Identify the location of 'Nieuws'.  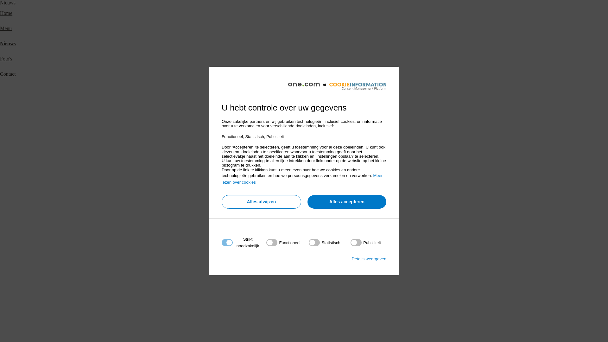
(8, 43).